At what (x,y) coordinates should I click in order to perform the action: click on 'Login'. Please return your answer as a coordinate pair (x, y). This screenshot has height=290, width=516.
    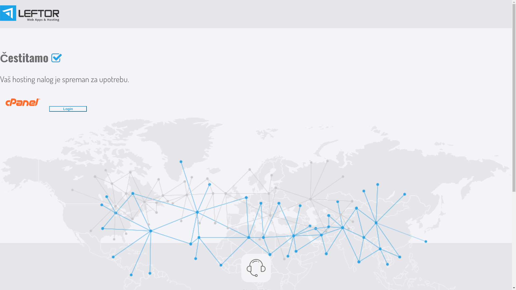
    Looking at the image, I should click on (70, 107).